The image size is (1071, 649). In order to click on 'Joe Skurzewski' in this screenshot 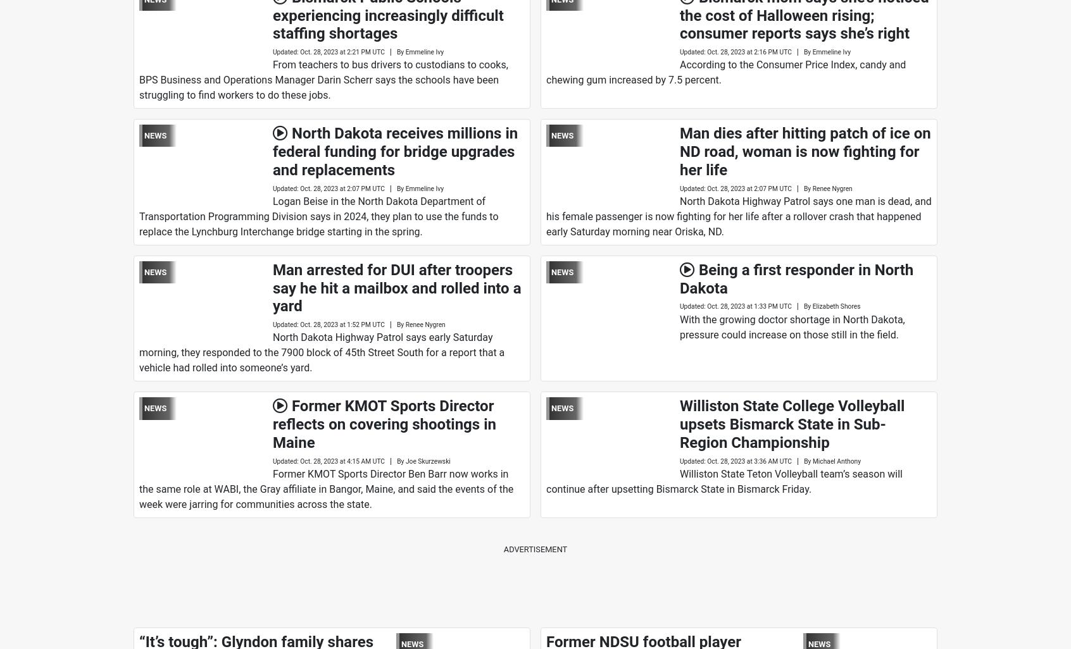, I will do `click(427, 460)`.